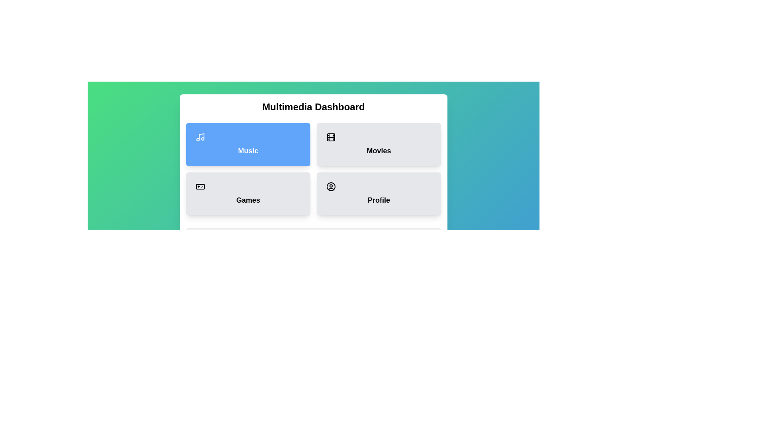 This screenshot has height=430, width=765. I want to click on the Music button to display its description, so click(248, 144).